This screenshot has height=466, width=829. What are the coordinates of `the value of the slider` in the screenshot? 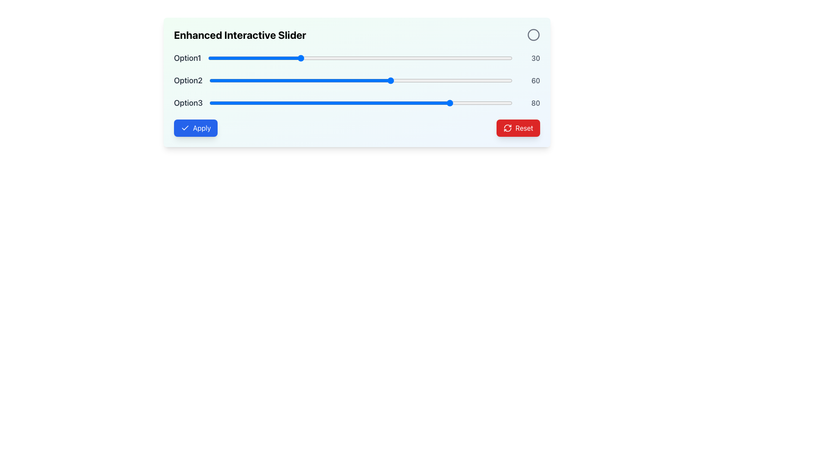 It's located at (314, 58).